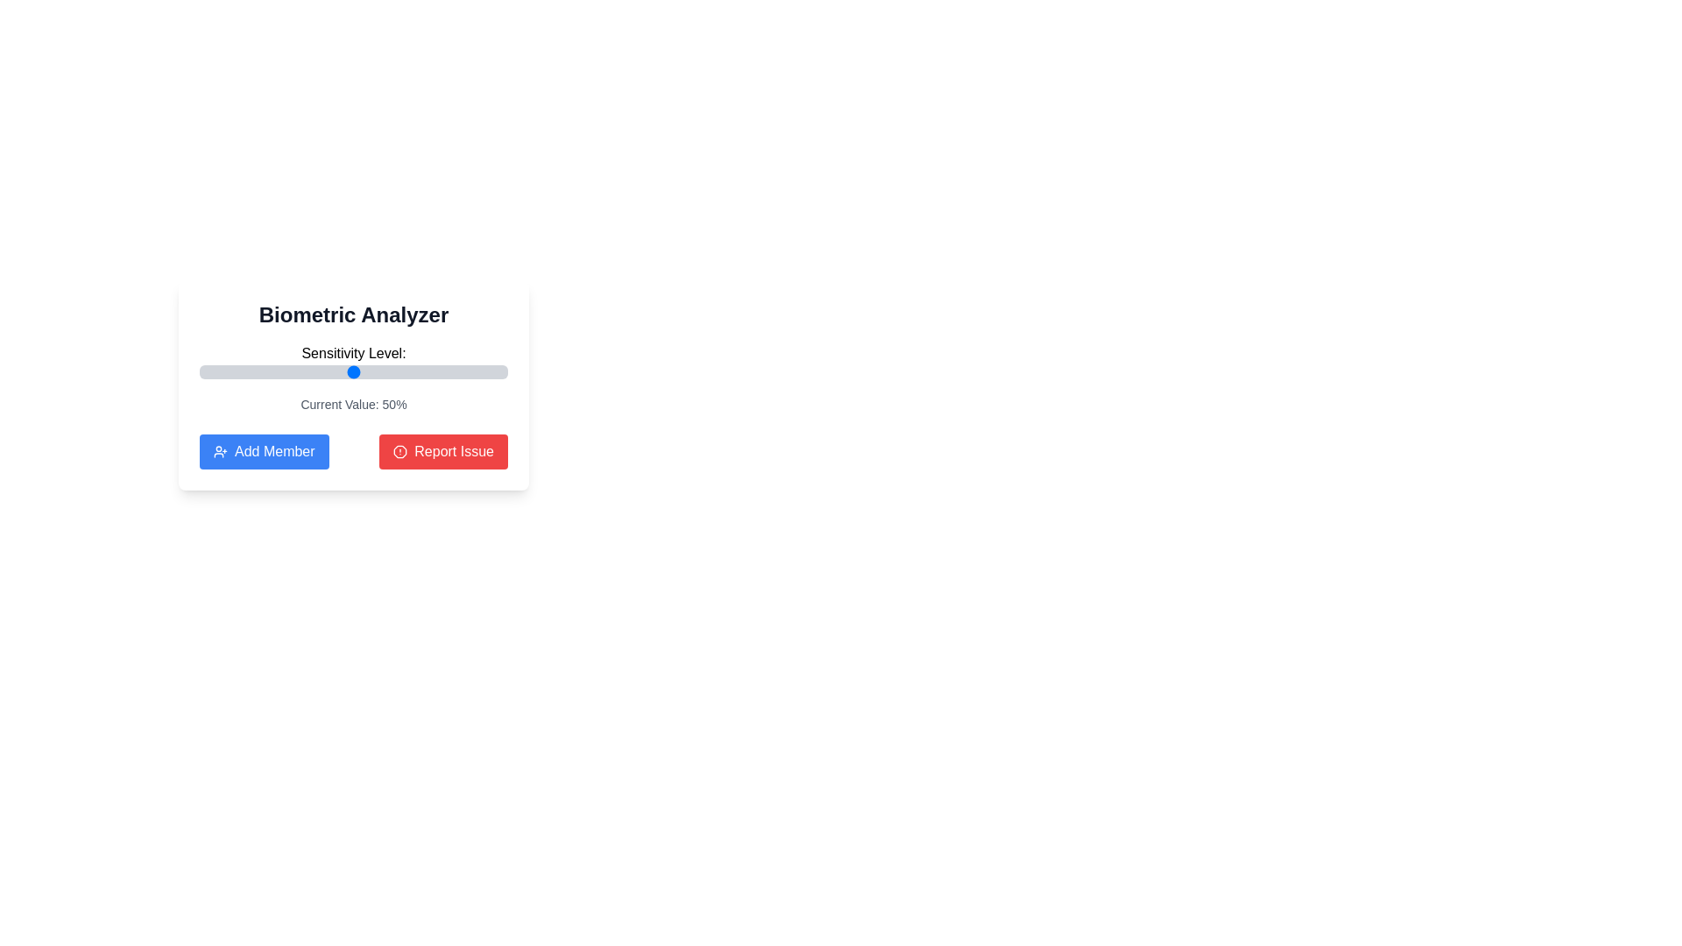  I want to click on the sensitivity level, so click(456, 371).